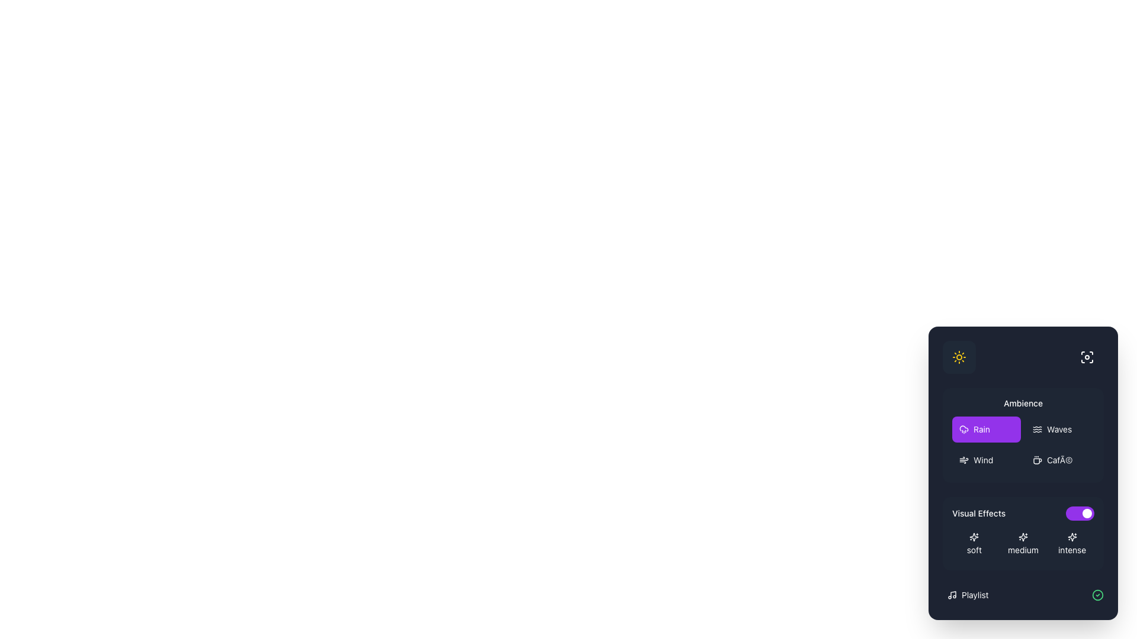 The image size is (1137, 639). What do you see at coordinates (1037, 429) in the screenshot?
I see `the wave-like icon located to the left of the text label 'Waves' in the 'Ambience' section of the UI` at bounding box center [1037, 429].